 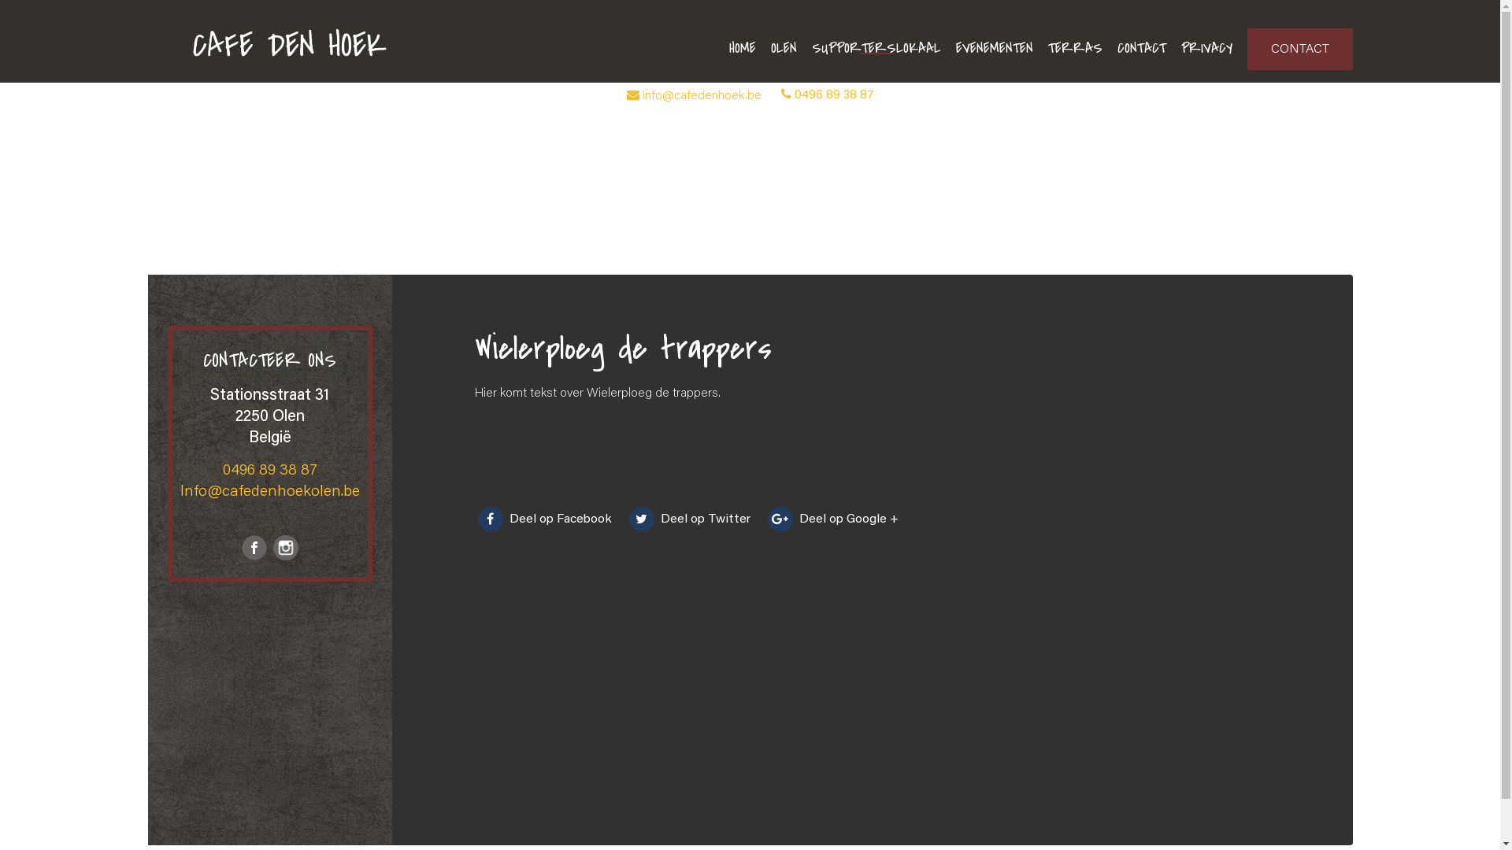 What do you see at coordinates (221, 469) in the screenshot?
I see `'0496 89 38 87'` at bounding box center [221, 469].